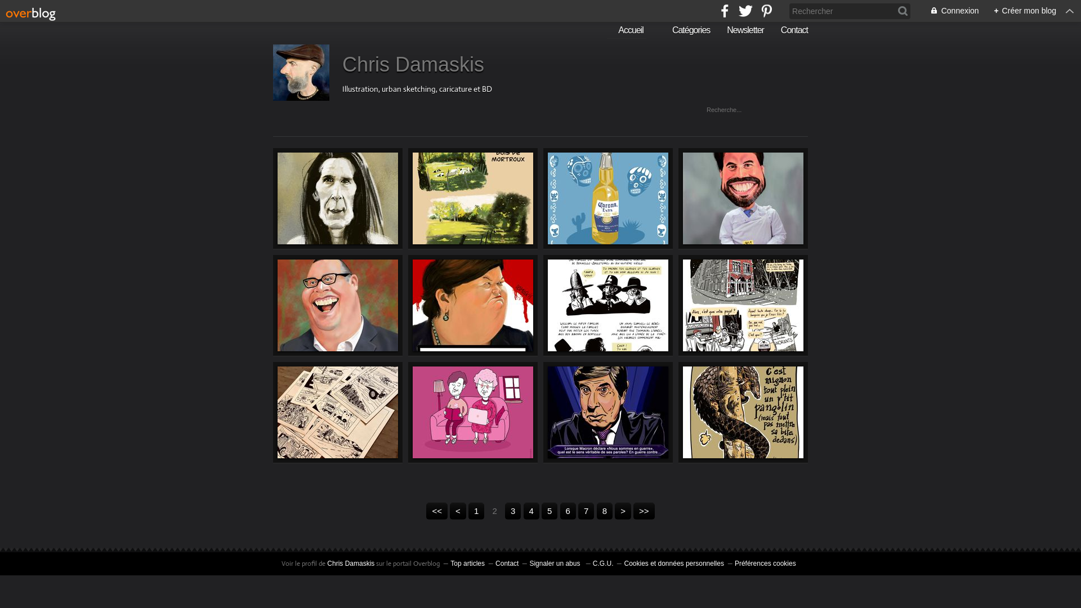  Describe the element at coordinates (476, 511) in the screenshot. I see `'1'` at that location.